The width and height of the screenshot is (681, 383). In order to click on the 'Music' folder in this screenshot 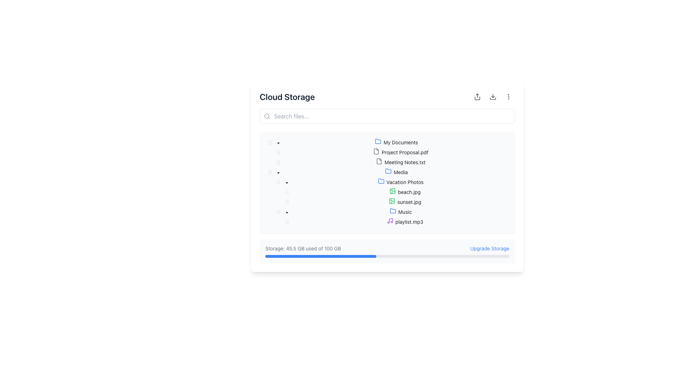, I will do `click(387, 211)`.